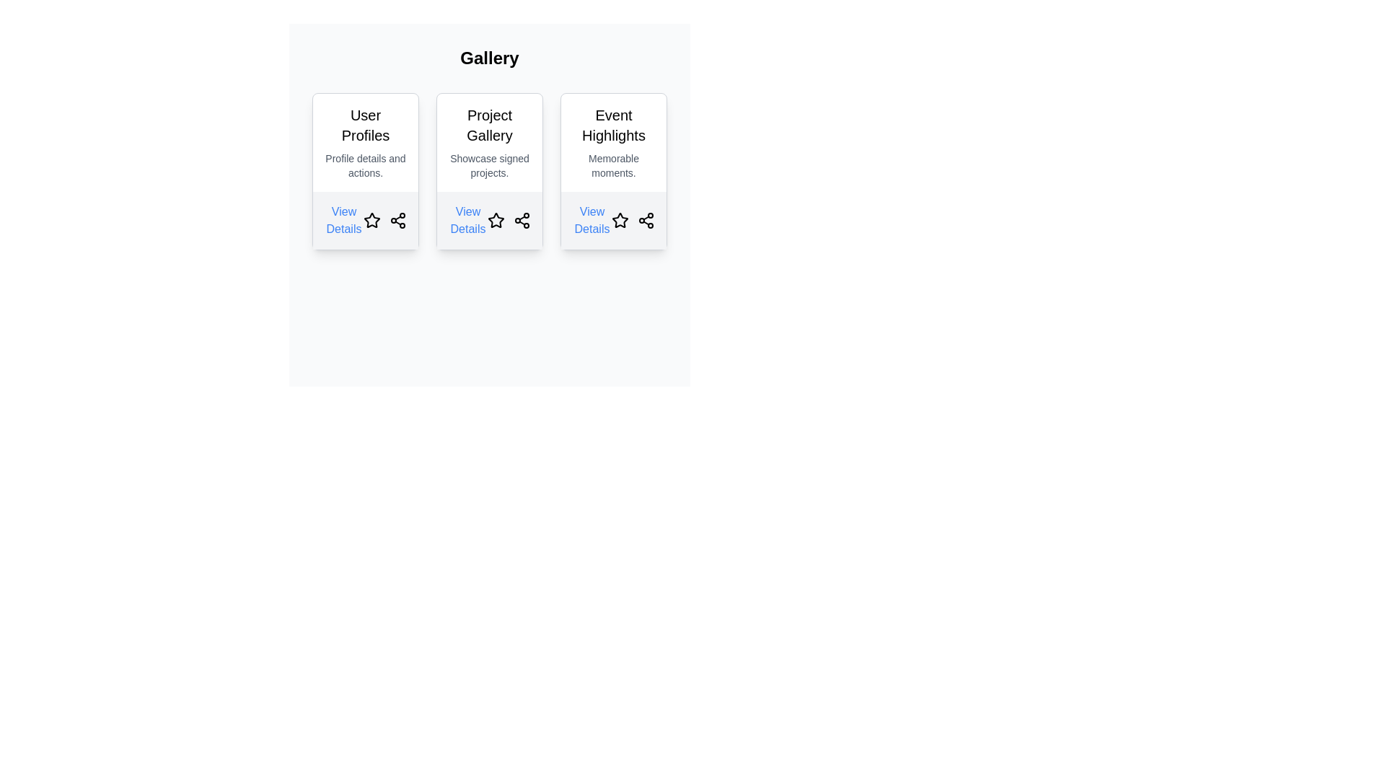 The width and height of the screenshot is (1385, 779). I want to click on the SVG share icon located to the immediate right of the star icon at the bottom of the 'User Profiles' card, so click(398, 220).